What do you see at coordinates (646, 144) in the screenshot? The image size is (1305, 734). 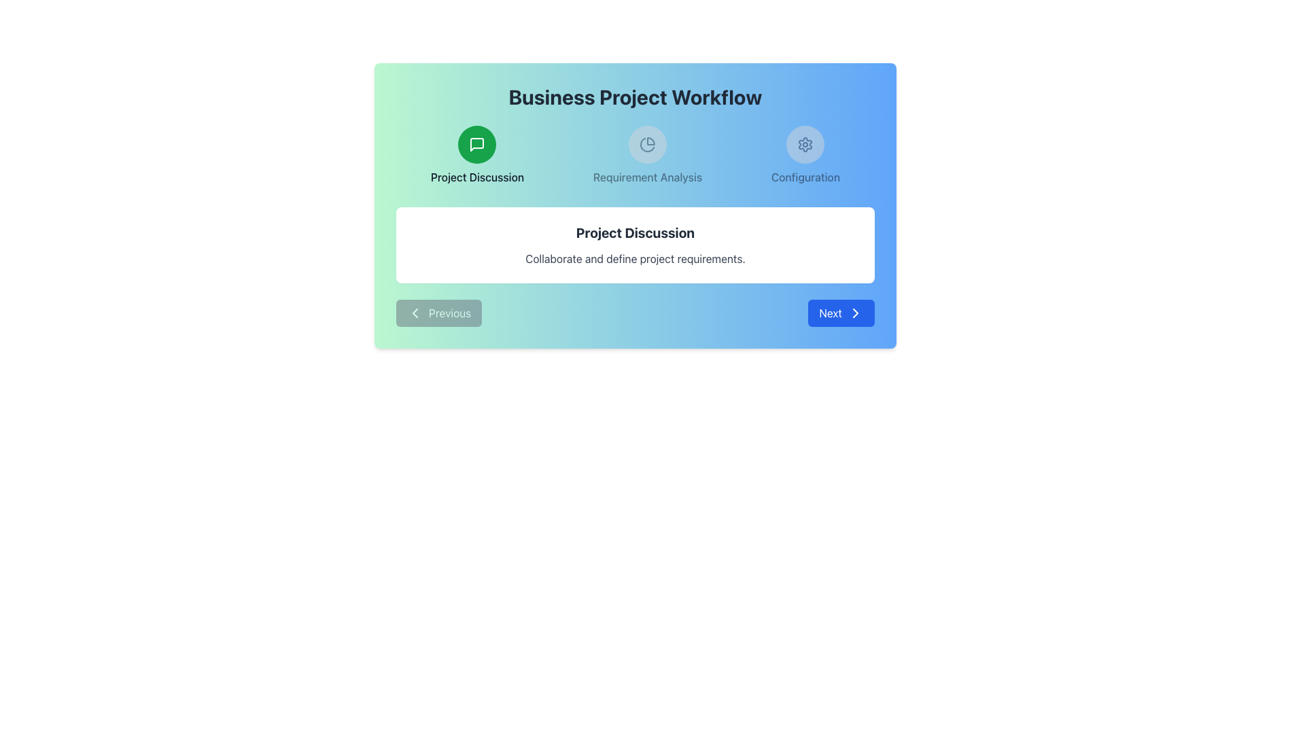 I see `the circular icon button with a pie chart icon, located centrally in the 'Requirement Analysis' section` at bounding box center [646, 144].